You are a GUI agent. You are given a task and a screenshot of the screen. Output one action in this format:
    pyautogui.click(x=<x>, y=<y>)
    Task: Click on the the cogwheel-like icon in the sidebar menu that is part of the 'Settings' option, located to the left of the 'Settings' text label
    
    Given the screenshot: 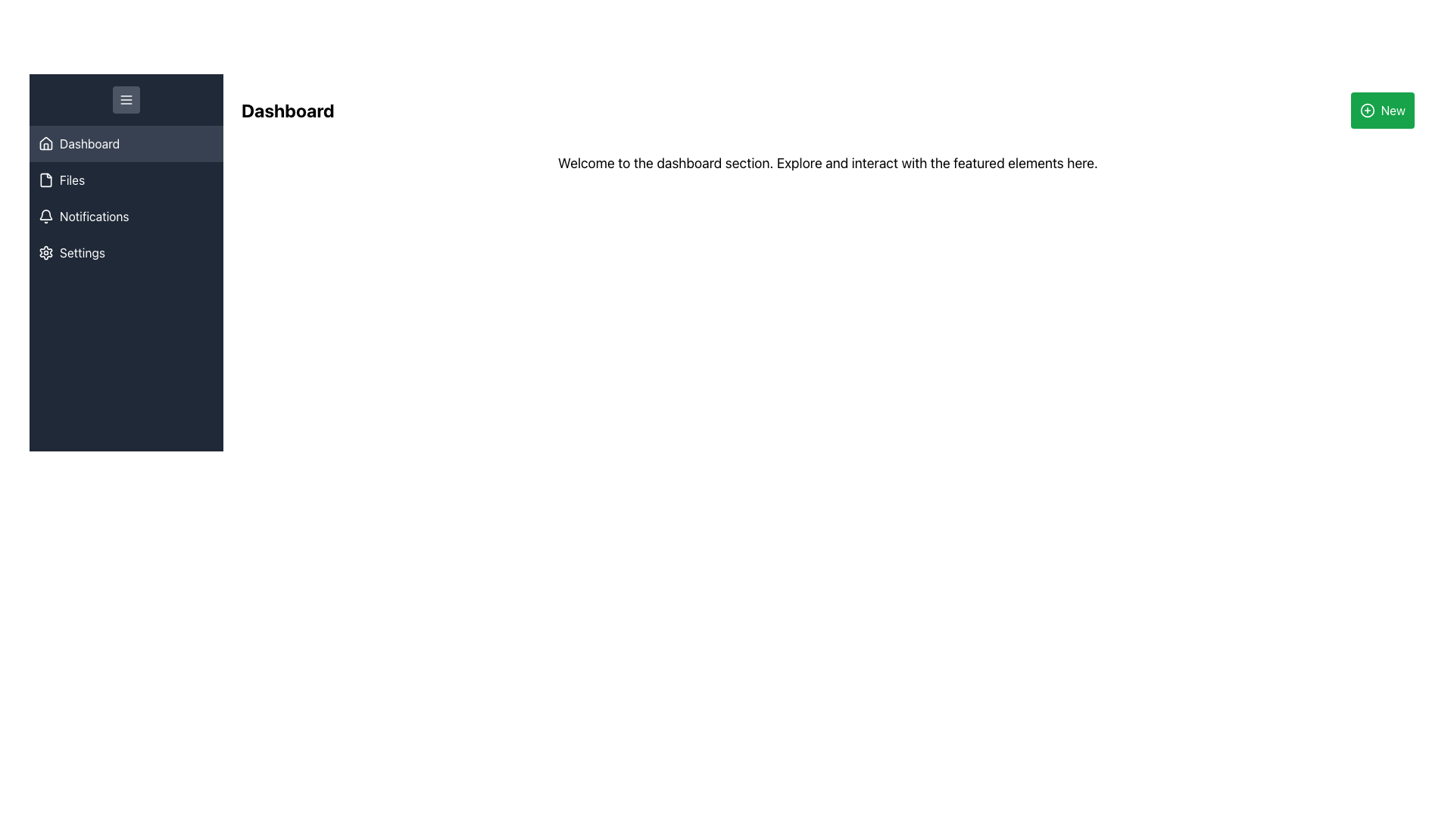 What is the action you would take?
    pyautogui.click(x=46, y=252)
    